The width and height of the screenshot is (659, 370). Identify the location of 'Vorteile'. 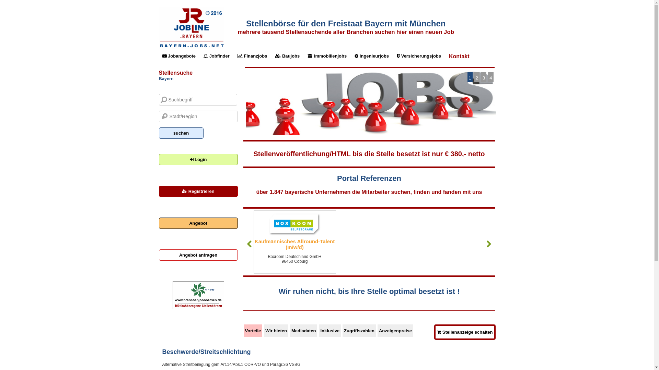
(253, 330).